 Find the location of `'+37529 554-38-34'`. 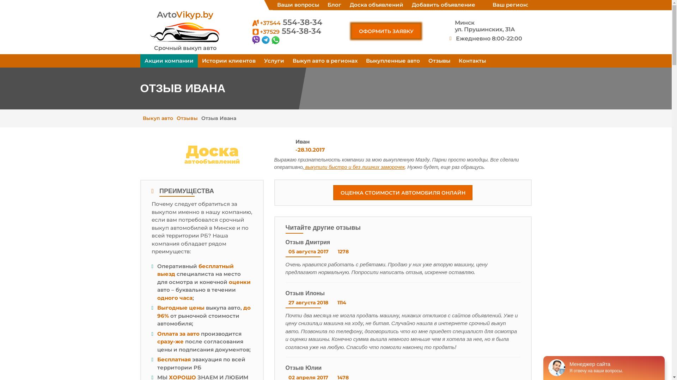

'+37529 554-38-34' is located at coordinates (286, 31).